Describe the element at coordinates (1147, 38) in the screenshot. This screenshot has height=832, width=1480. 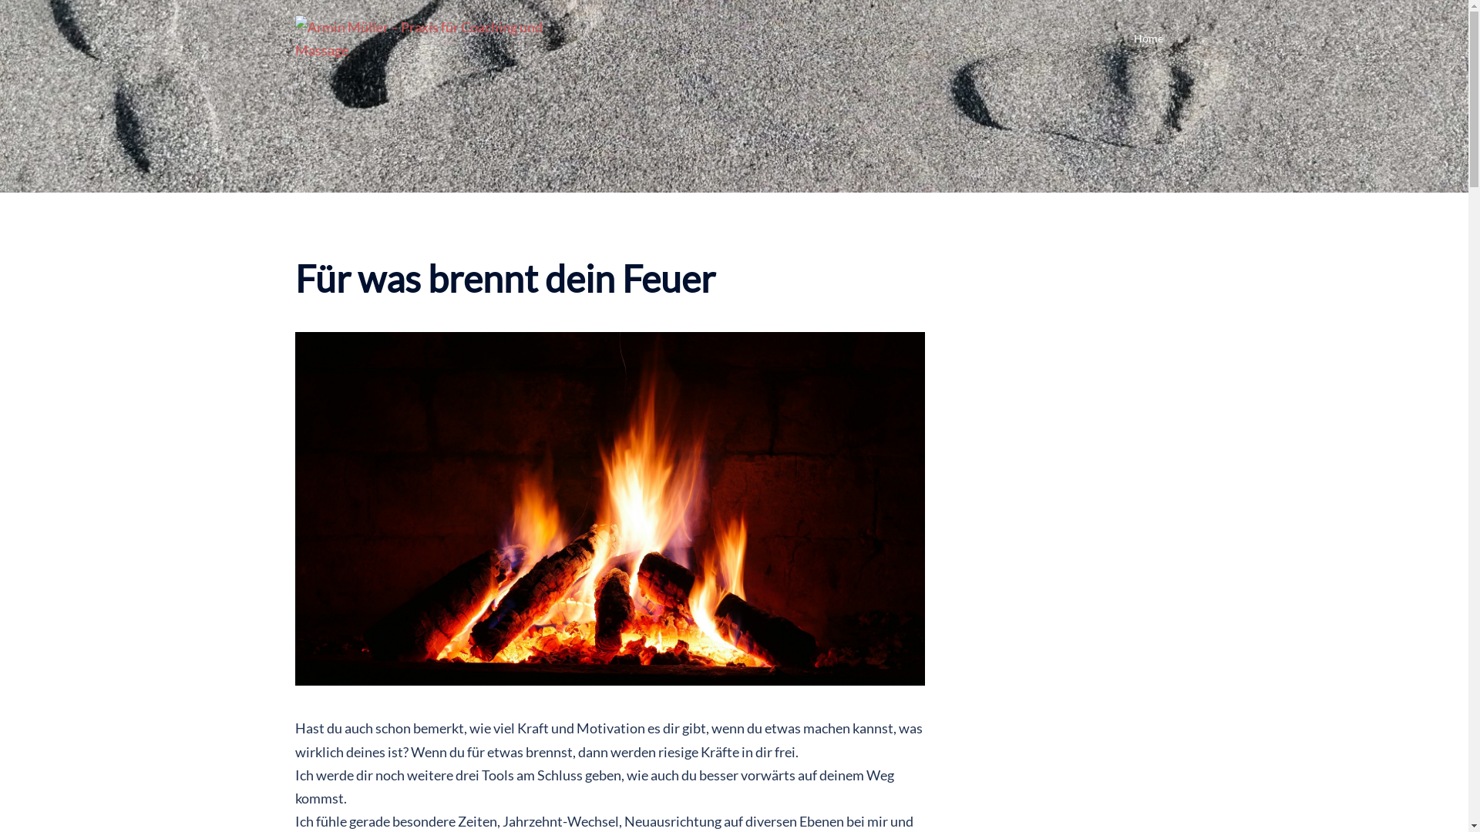
I see `'Home'` at that location.